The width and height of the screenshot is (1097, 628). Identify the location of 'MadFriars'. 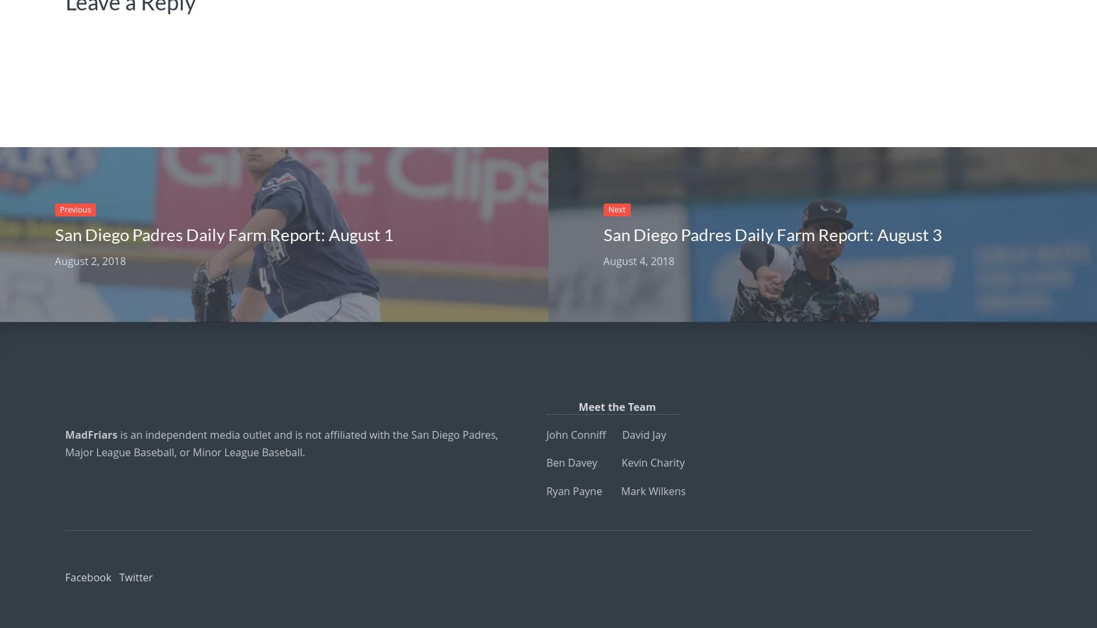
(91, 434).